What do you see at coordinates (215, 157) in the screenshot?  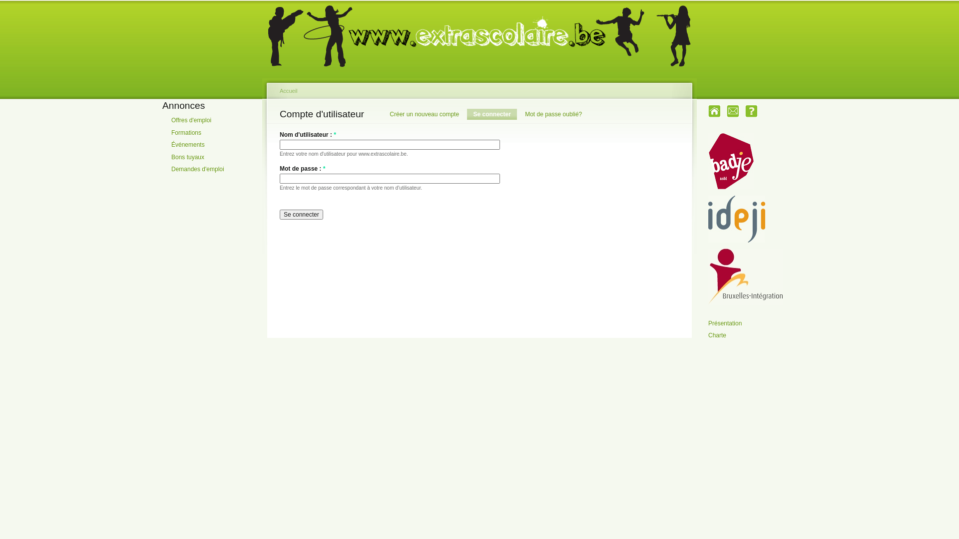 I see `'Bons tuyaux'` at bounding box center [215, 157].